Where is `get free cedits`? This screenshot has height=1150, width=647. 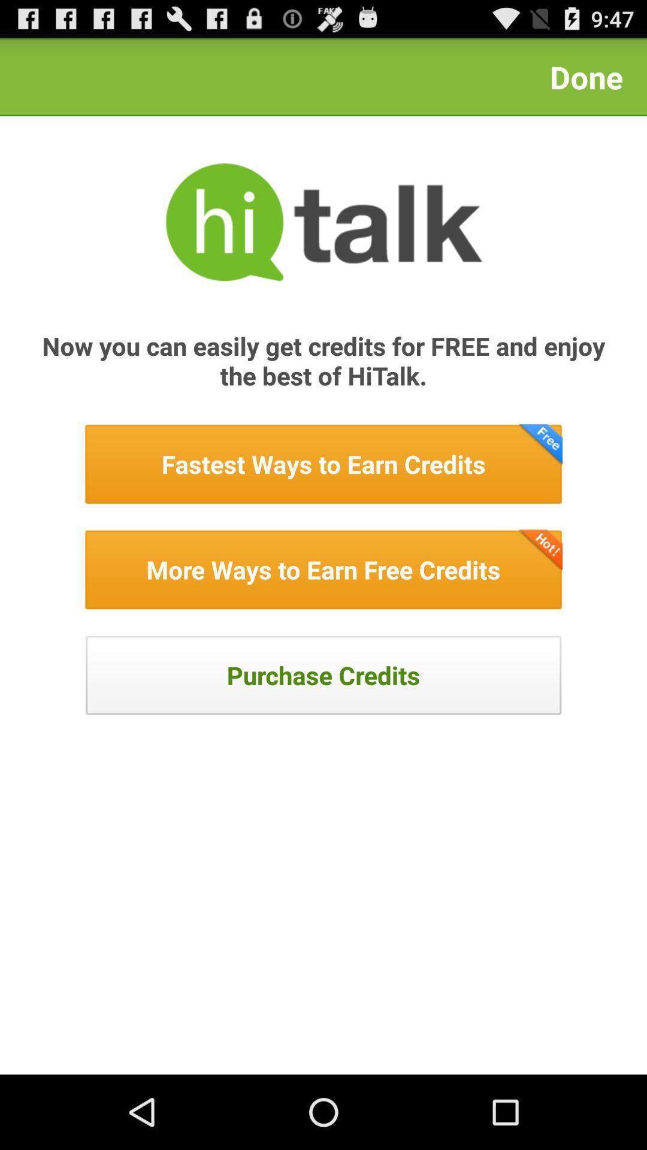 get free cedits is located at coordinates (323, 569).